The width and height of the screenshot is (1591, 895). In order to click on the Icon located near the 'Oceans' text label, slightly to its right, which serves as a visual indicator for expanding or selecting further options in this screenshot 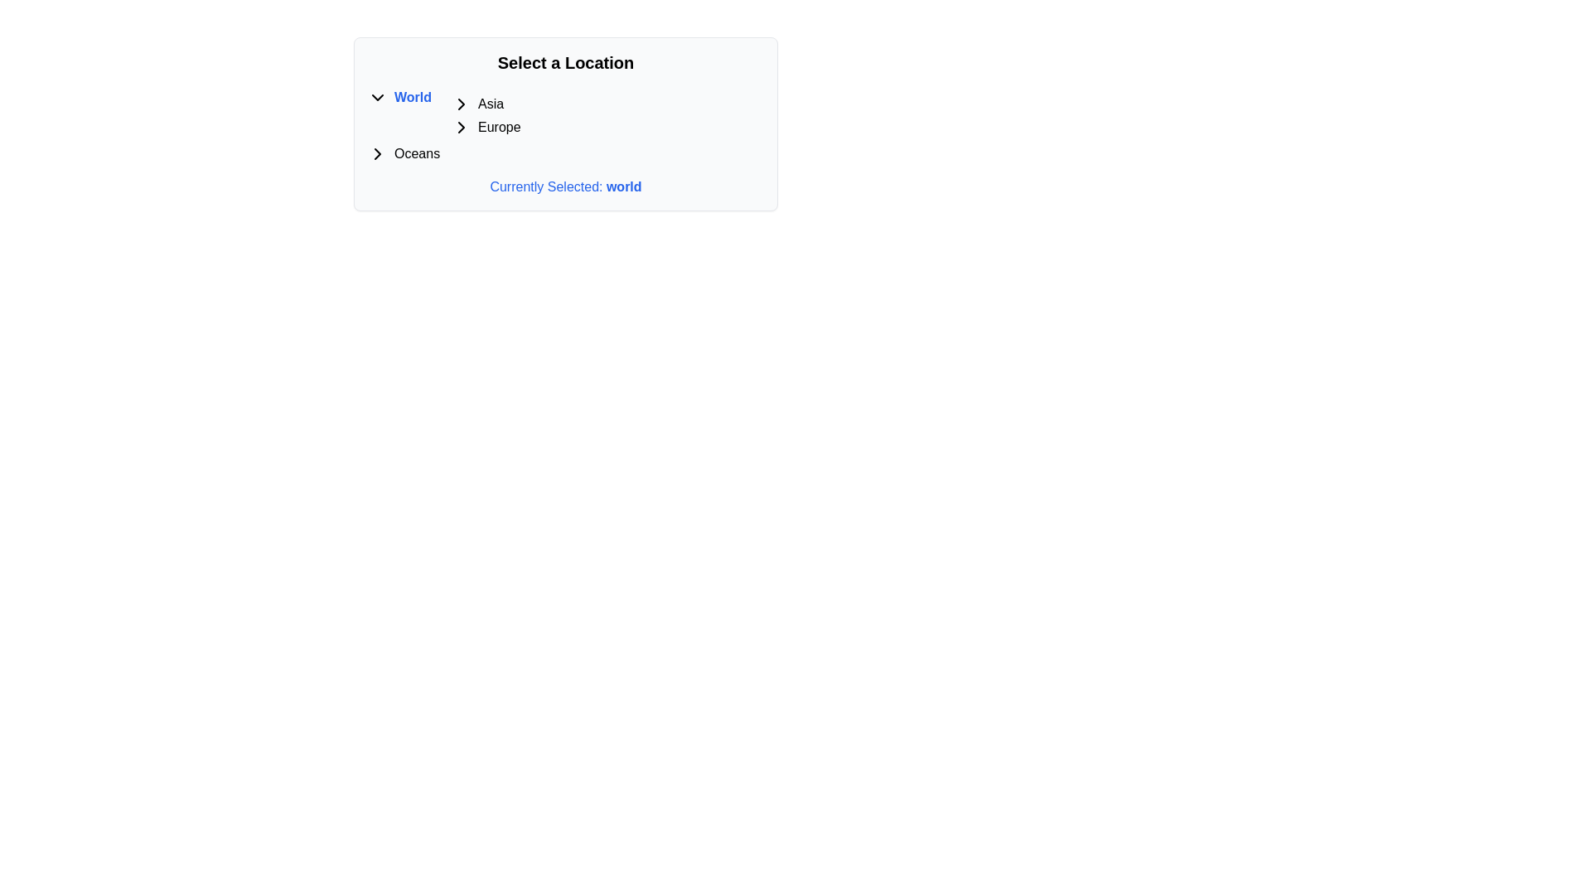, I will do `click(377, 153)`.